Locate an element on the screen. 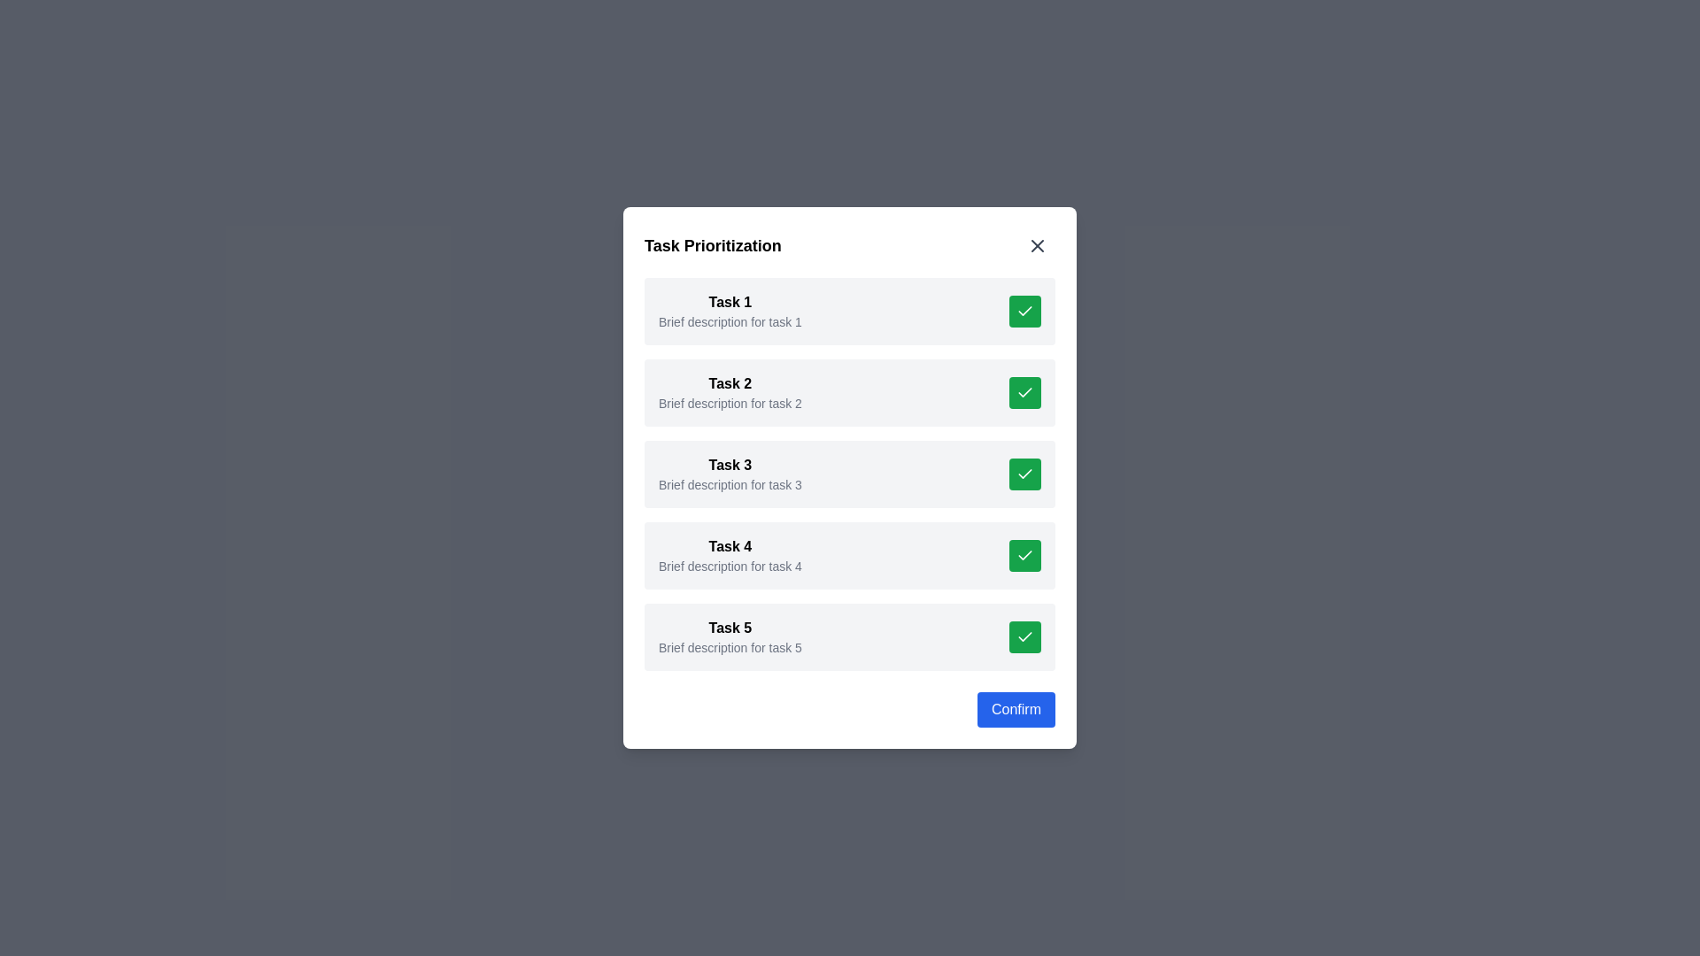 The width and height of the screenshot is (1700, 956). the close button located in the top-right corner of the modal header, adjacent to the 'Task Prioritization' text, to observe the hover effect is located at coordinates (1037, 245).